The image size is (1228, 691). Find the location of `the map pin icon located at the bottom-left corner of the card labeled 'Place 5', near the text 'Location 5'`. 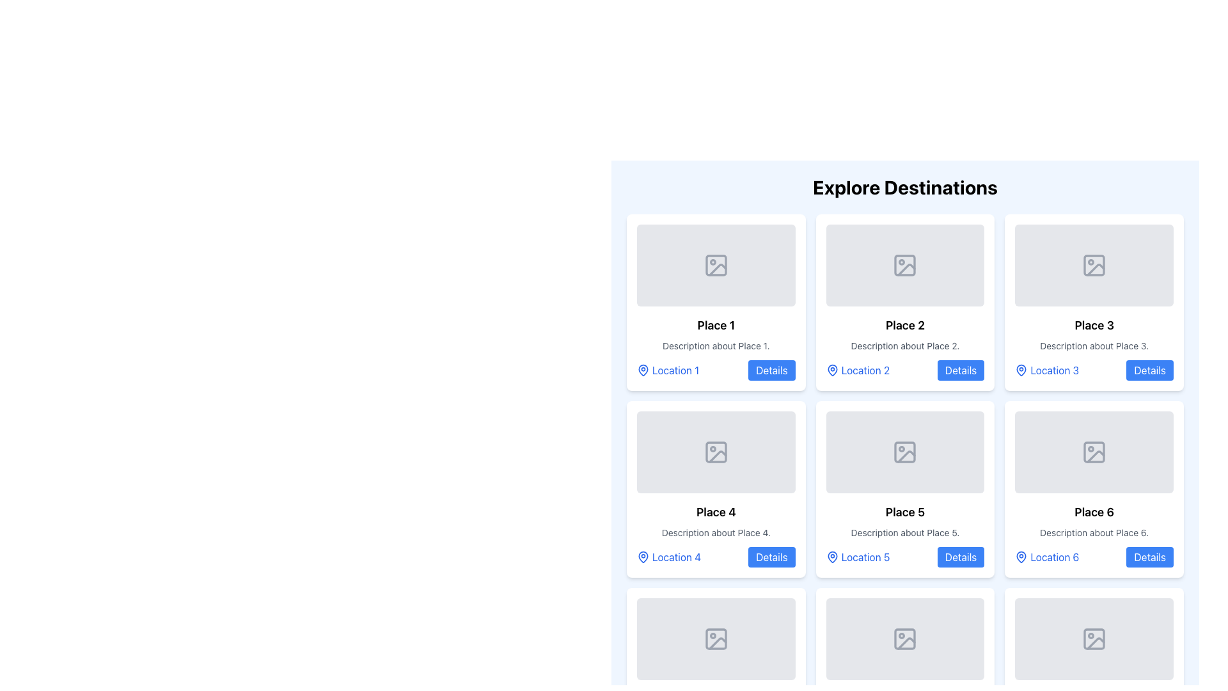

the map pin icon located at the bottom-left corner of the card labeled 'Place 5', near the text 'Location 5' is located at coordinates (832, 557).